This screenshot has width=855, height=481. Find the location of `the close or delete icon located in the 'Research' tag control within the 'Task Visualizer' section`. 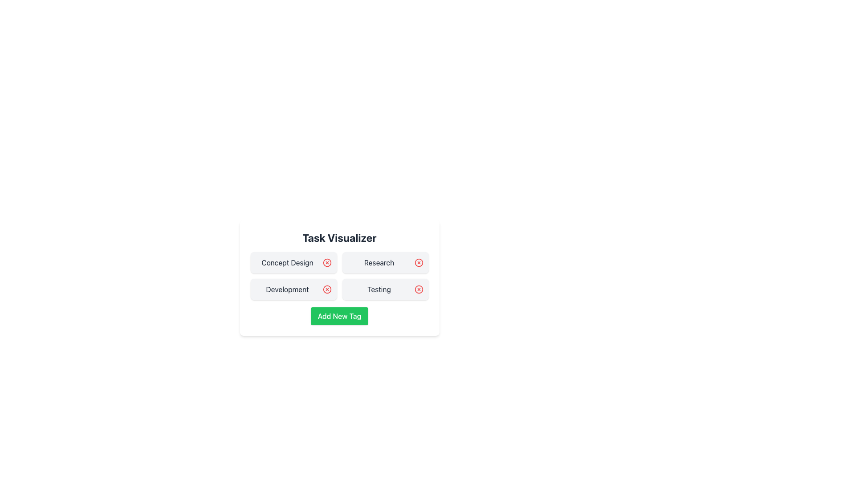

the close or delete icon located in the 'Research' tag control within the 'Task Visualizer' section is located at coordinates (418, 262).